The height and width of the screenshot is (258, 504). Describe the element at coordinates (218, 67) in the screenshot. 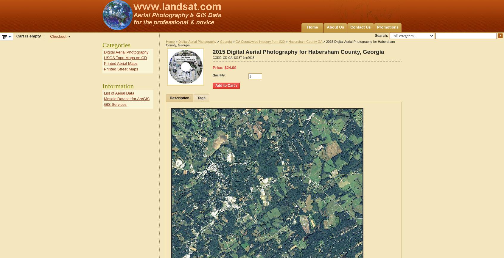

I see `'Price:'` at that location.